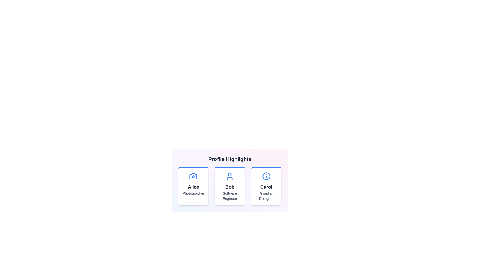 The width and height of the screenshot is (499, 280). What do you see at coordinates (266, 186) in the screenshot?
I see `the profile card of Carol to preview additional information` at bounding box center [266, 186].